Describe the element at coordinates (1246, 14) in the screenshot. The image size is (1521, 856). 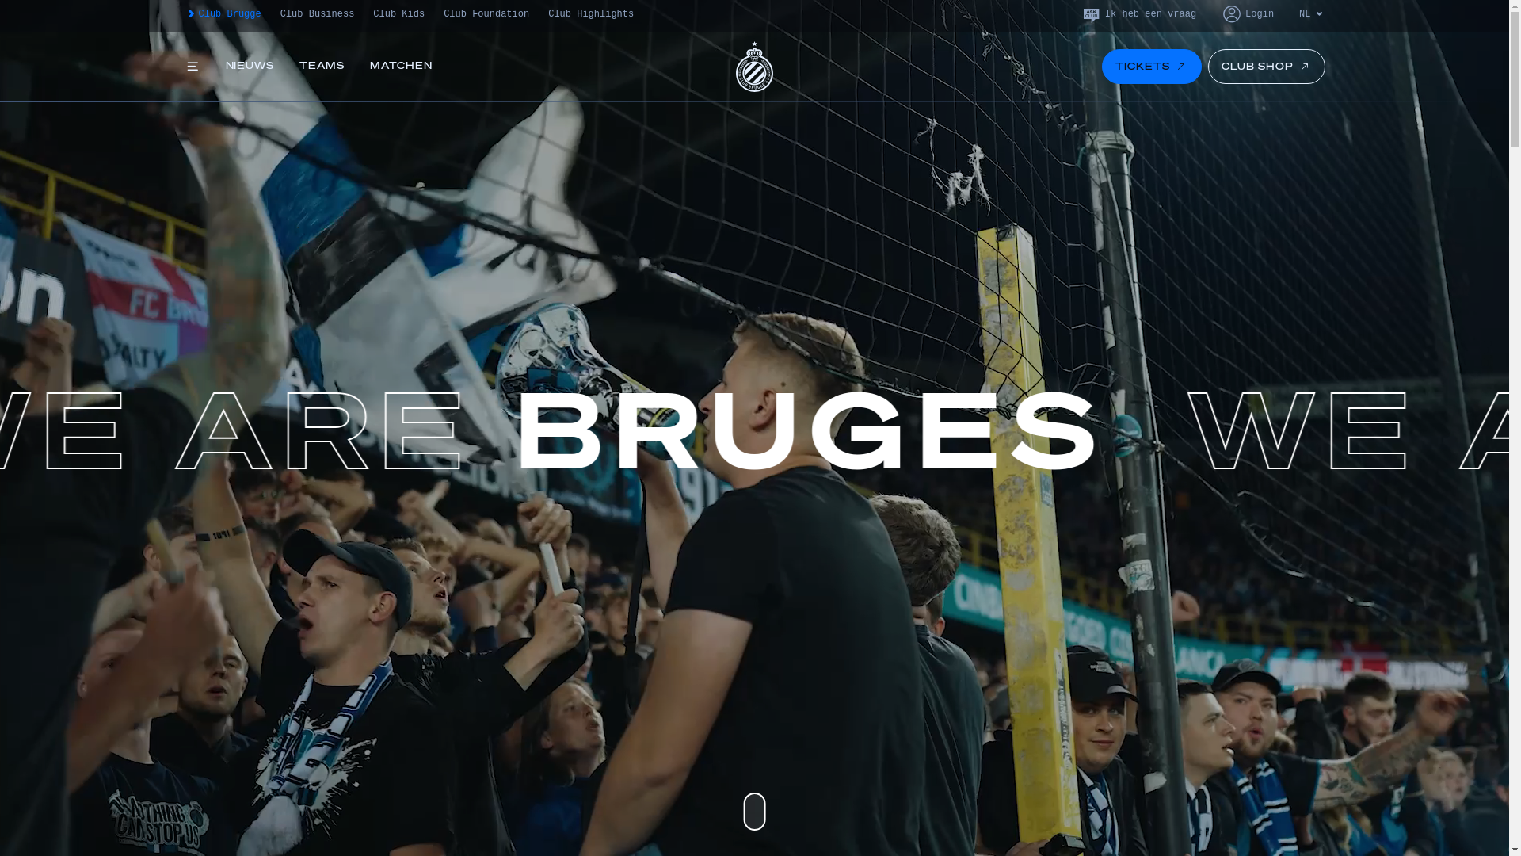
I see `'Login'` at that location.